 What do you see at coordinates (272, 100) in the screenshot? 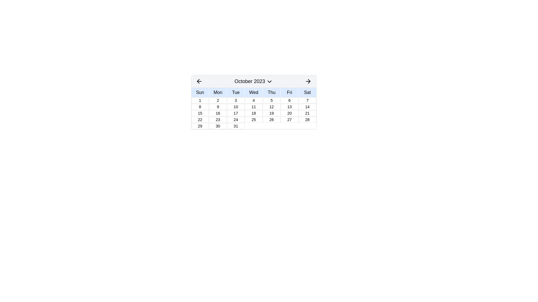
I see `the Calendar Day Cell element that contains the number '5', which is located in the first row under the 'Thu' header` at bounding box center [272, 100].